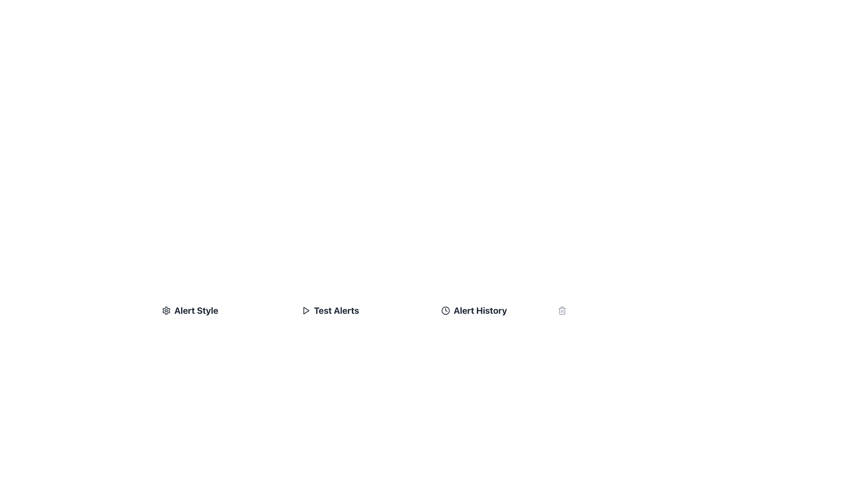 The image size is (854, 480). I want to click on the 'Alert Style' label with icon, so click(224, 310).